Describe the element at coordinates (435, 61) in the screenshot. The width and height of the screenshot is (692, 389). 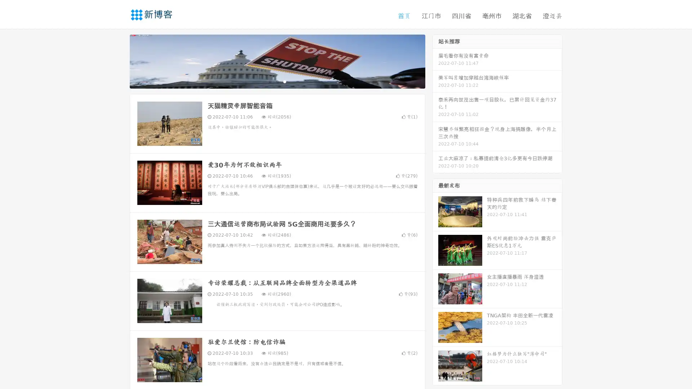
I see `Next slide` at that location.